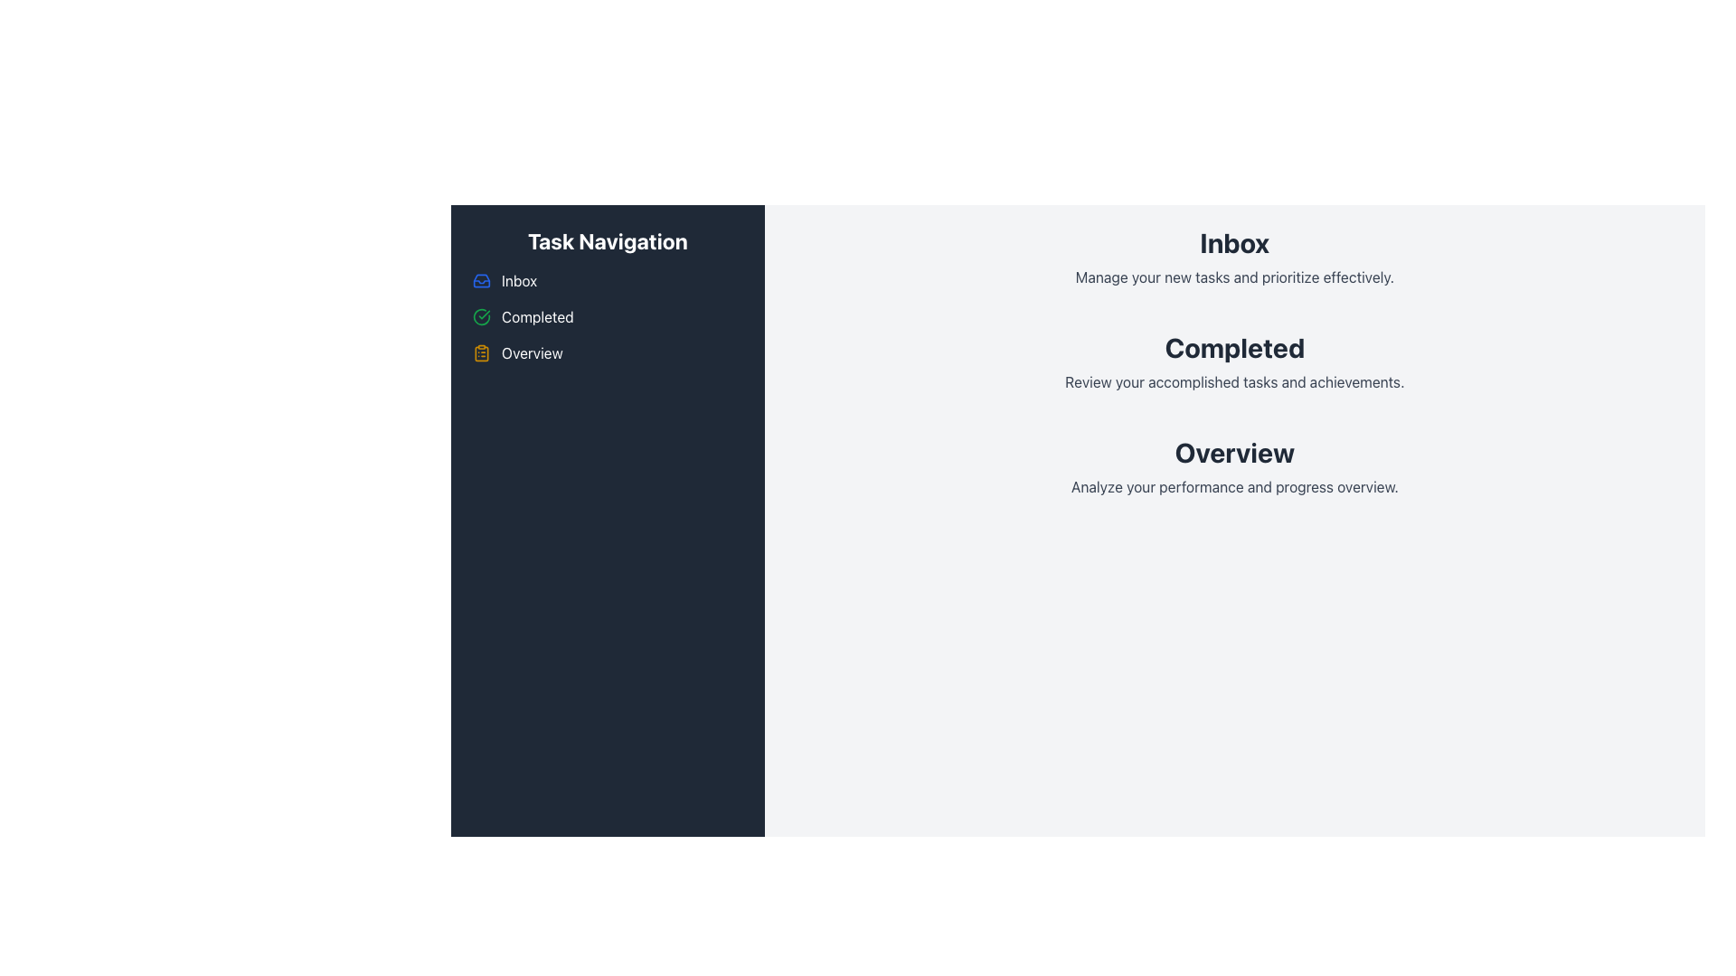 The height and width of the screenshot is (976, 1736). Describe the element at coordinates (518, 281) in the screenshot. I see `the first hyperlink in the left sidebar navigation menu under 'Task Navigation'` at that location.